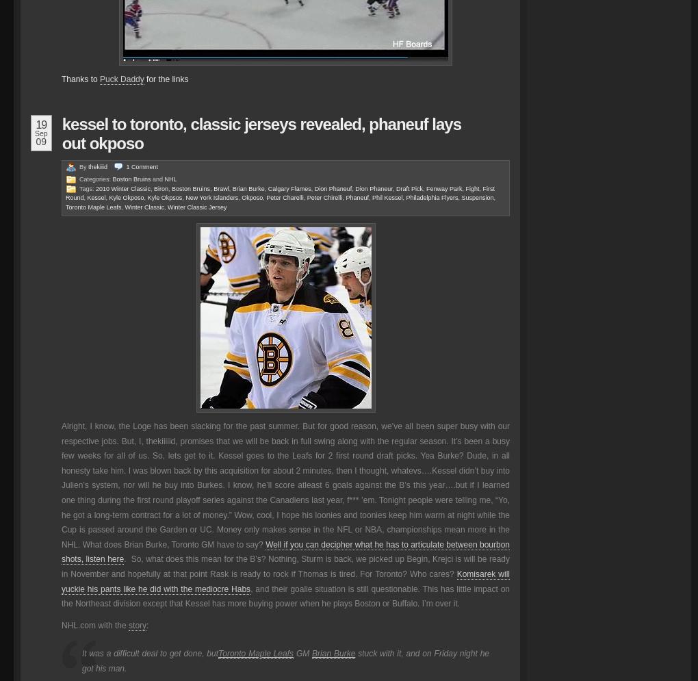 This screenshot has height=681, width=698. Describe the element at coordinates (88, 188) in the screenshot. I see `'Tags:'` at that location.